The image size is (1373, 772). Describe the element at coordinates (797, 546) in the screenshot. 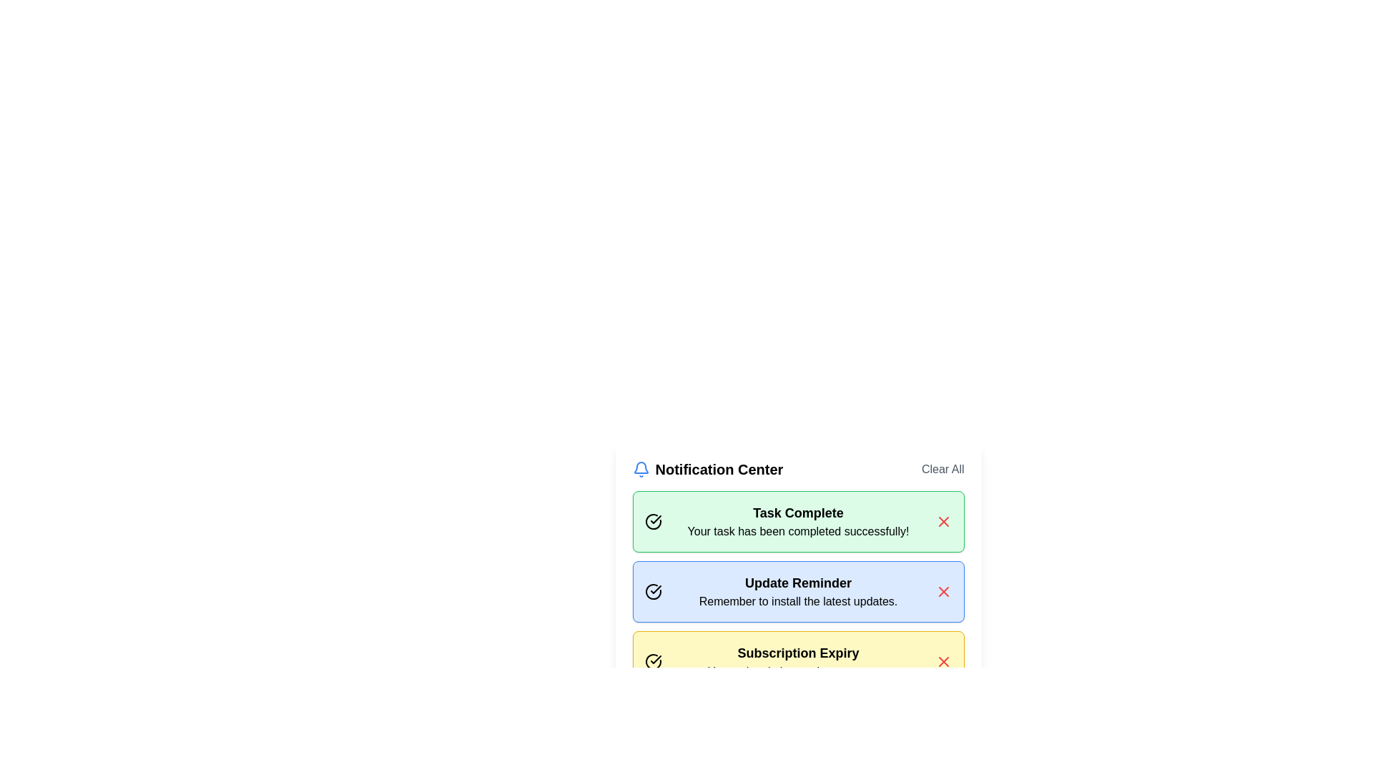

I see `the Notification block located in the Notification Center, which indicates the successful completion of a task and includes a close button` at that location.